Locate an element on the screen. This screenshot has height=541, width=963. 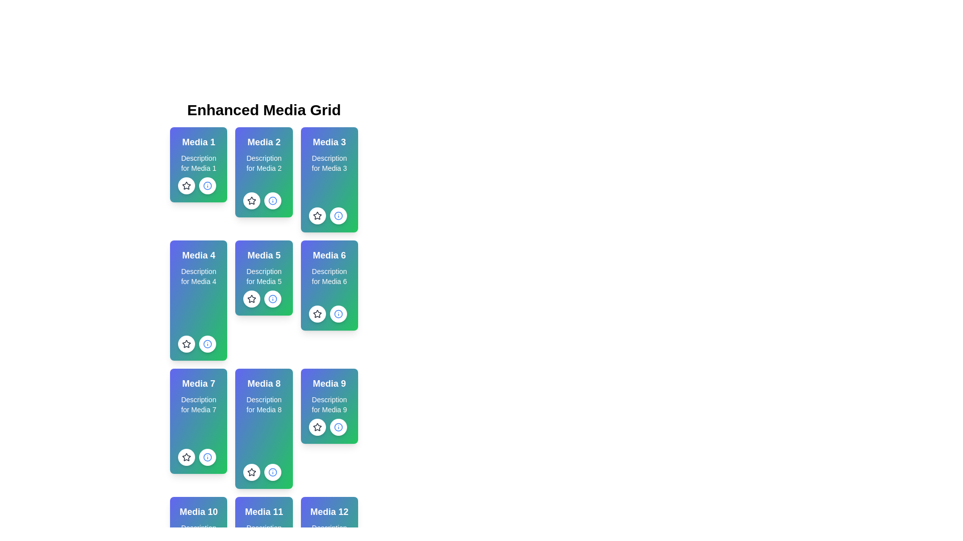
the star icon button in the 'Media 7' card, located in the second last row of the grid, to potentially reveal a tooltip is located at coordinates (187, 457).